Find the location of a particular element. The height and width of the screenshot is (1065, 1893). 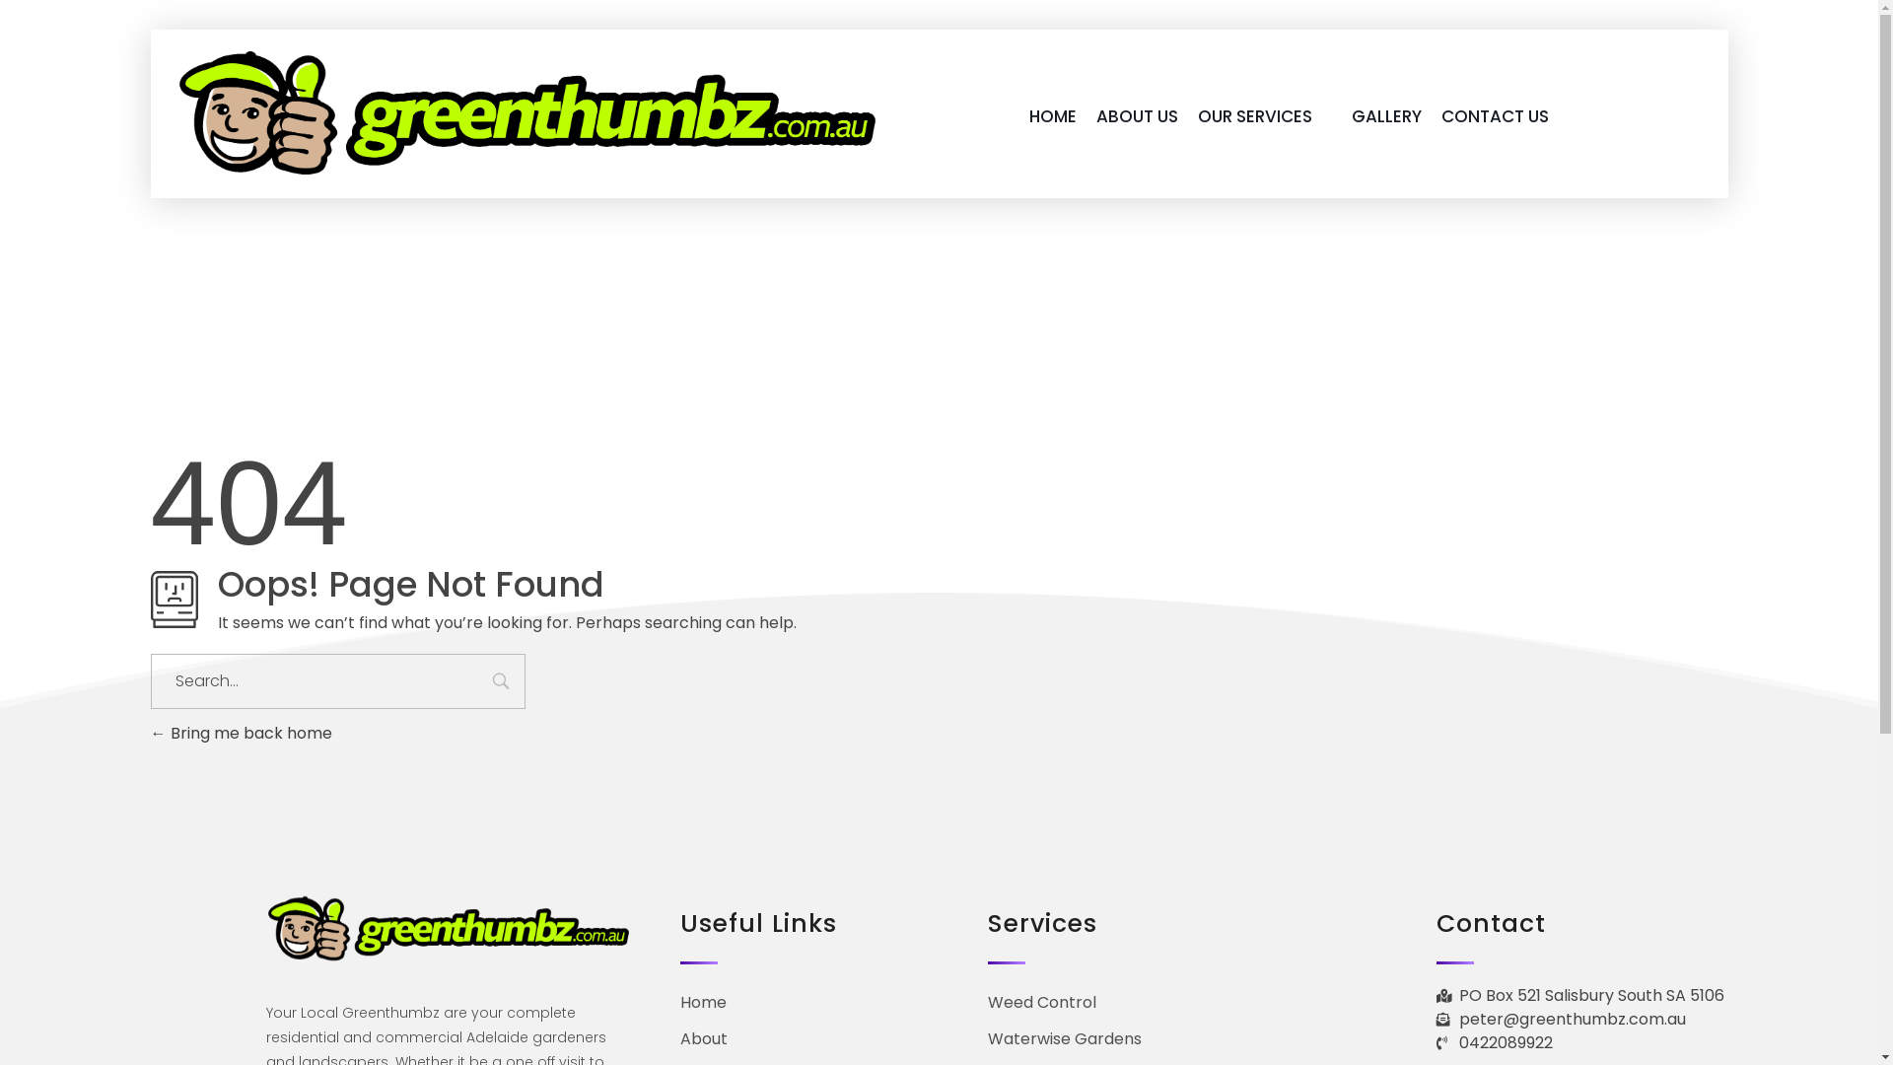

'Bring me back home' is located at coordinates (240, 733).